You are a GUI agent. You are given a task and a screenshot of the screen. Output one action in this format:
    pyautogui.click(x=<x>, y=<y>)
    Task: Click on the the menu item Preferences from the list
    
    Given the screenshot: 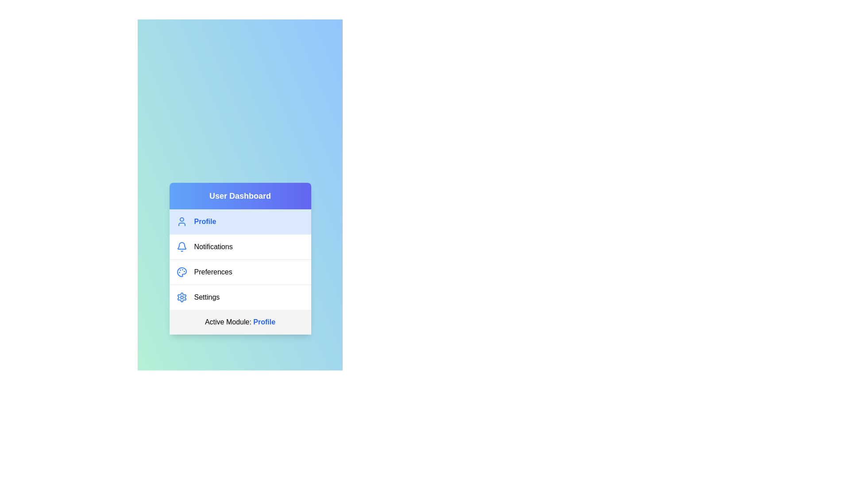 What is the action you would take?
    pyautogui.click(x=240, y=271)
    